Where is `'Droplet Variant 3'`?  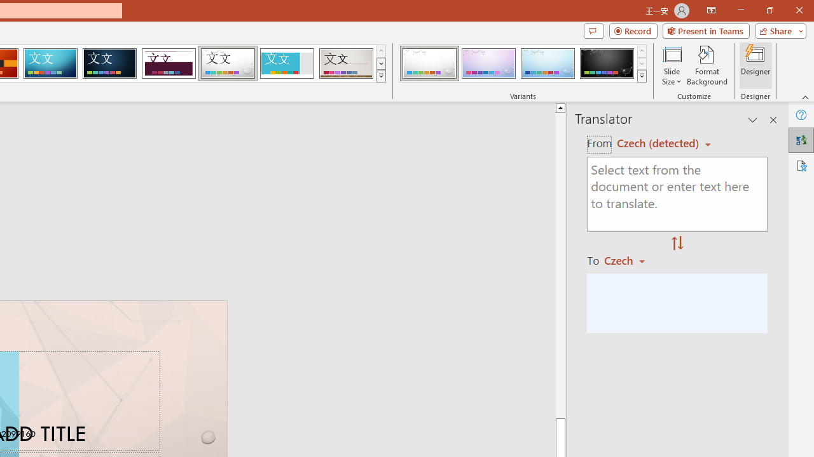
'Droplet Variant 3' is located at coordinates (548, 63).